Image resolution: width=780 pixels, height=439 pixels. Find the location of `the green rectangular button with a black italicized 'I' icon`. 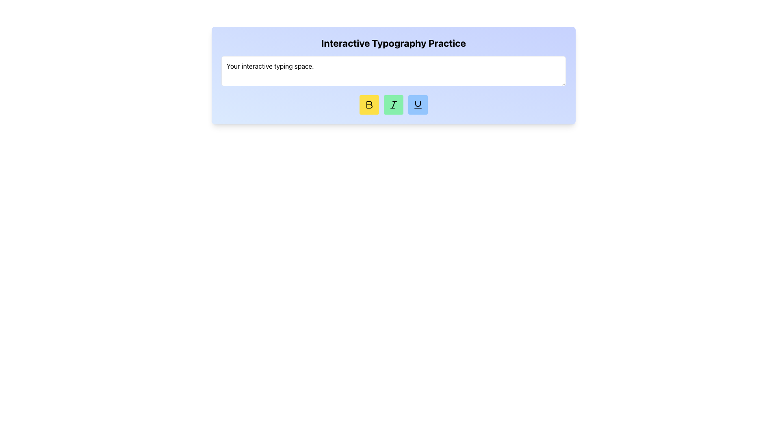

the green rectangular button with a black italicized 'I' icon is located at coordinates (394, 104).